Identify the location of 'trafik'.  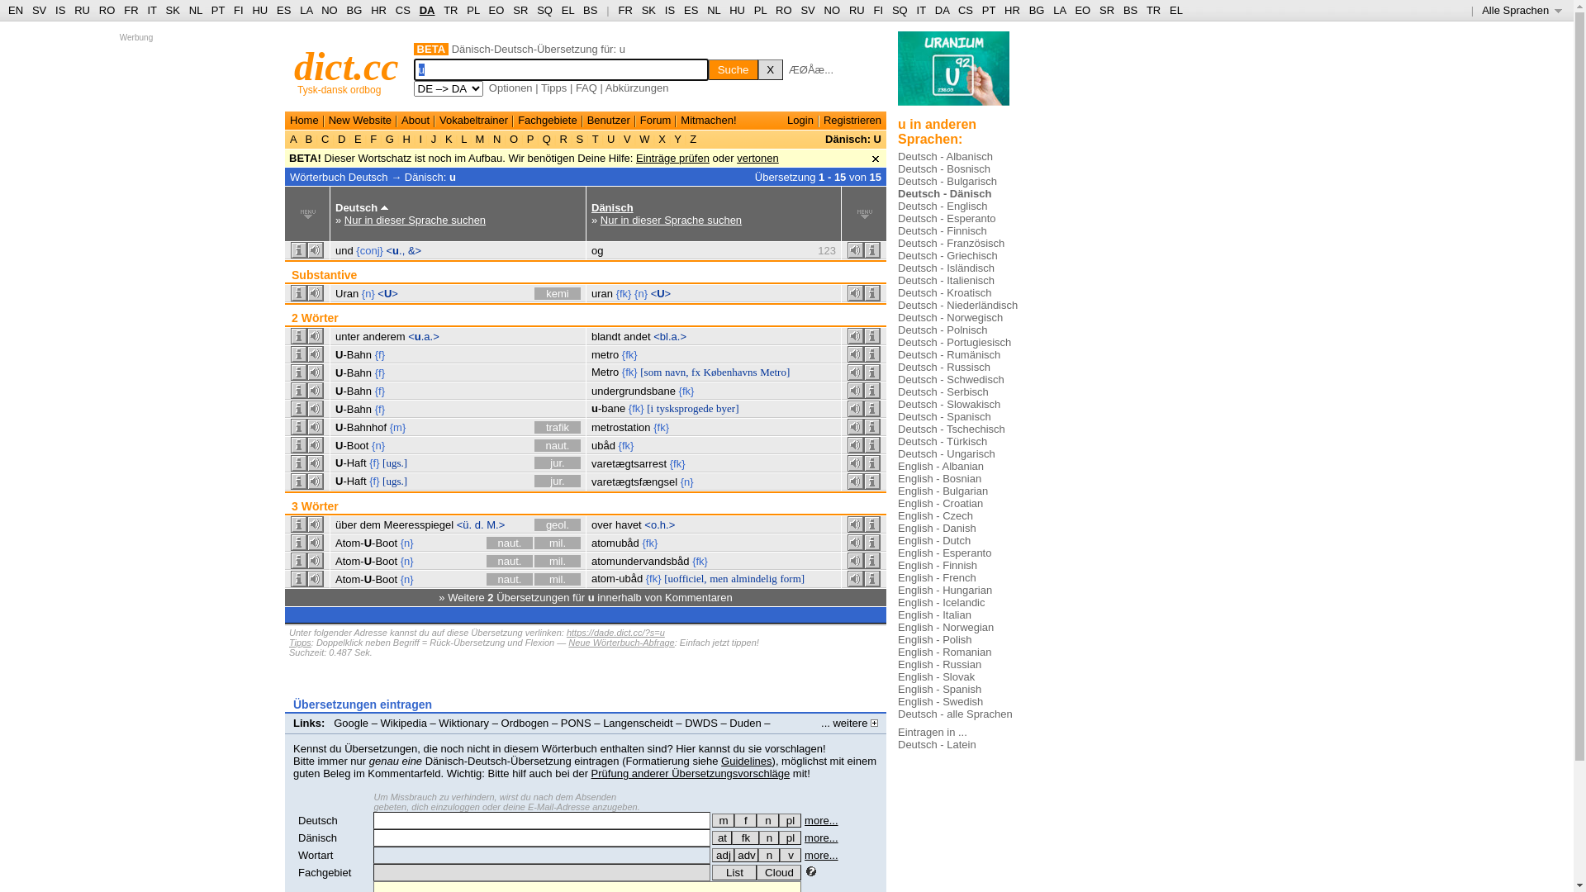
(534, 426).